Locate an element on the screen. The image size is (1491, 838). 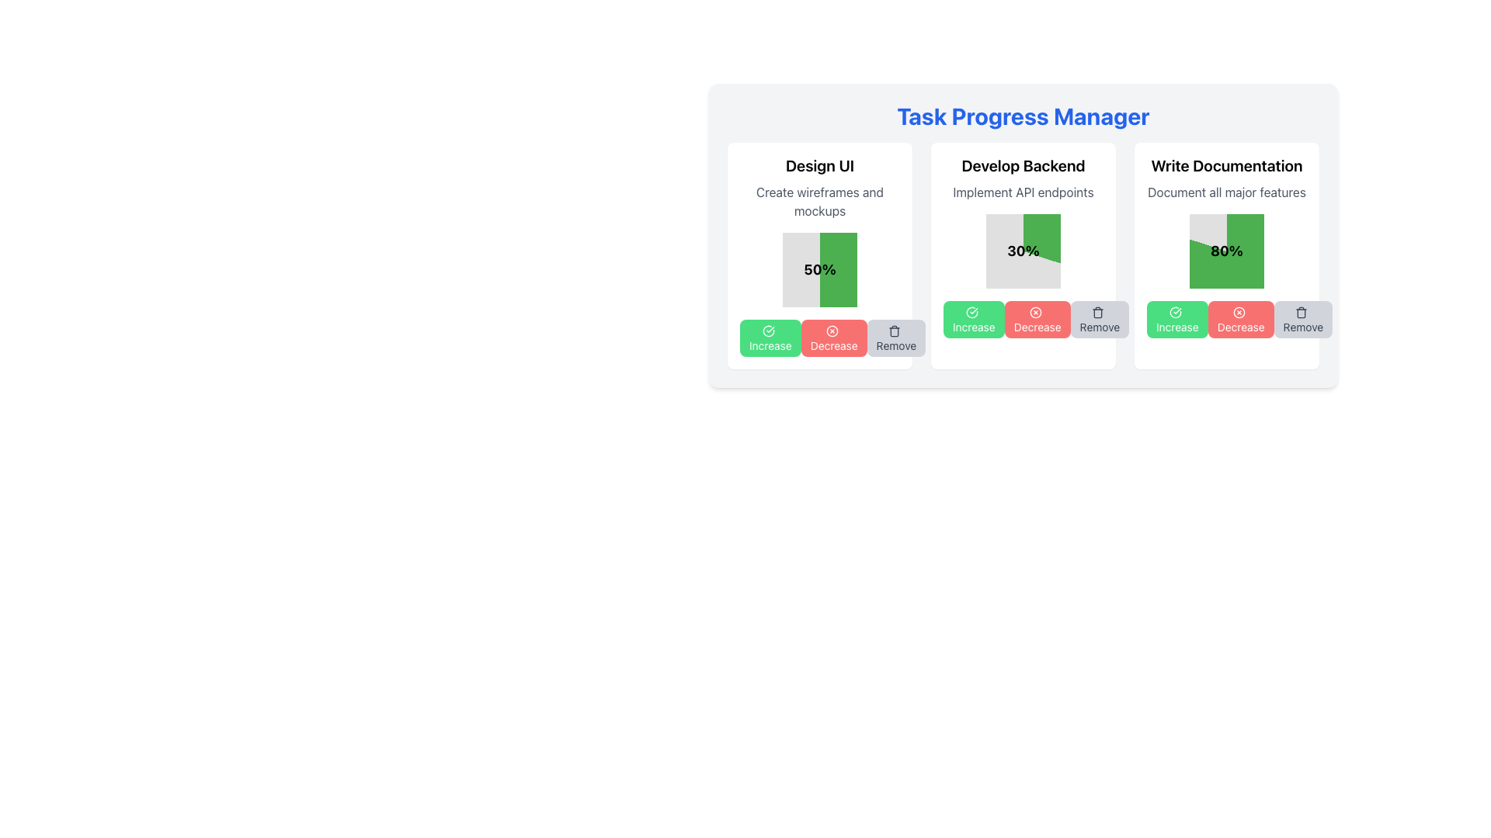
the Circular Progress Indicator displaying '80%' is located at coordinates (1225, 251).